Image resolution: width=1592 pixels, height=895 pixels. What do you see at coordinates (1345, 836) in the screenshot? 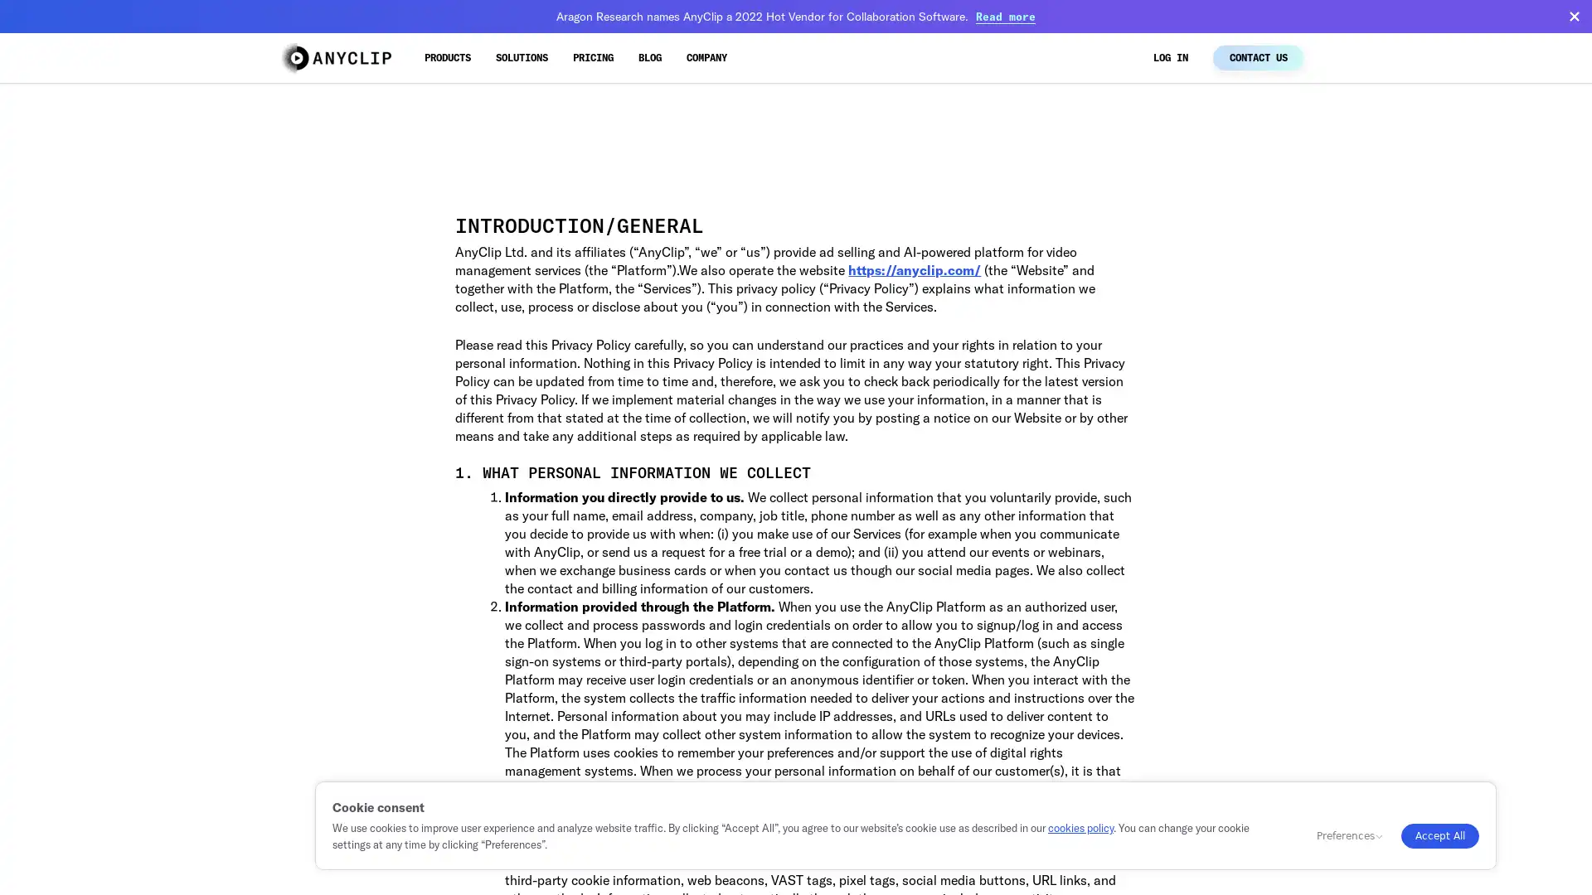
I see `Preferences` at bounding box center [1345, 836].